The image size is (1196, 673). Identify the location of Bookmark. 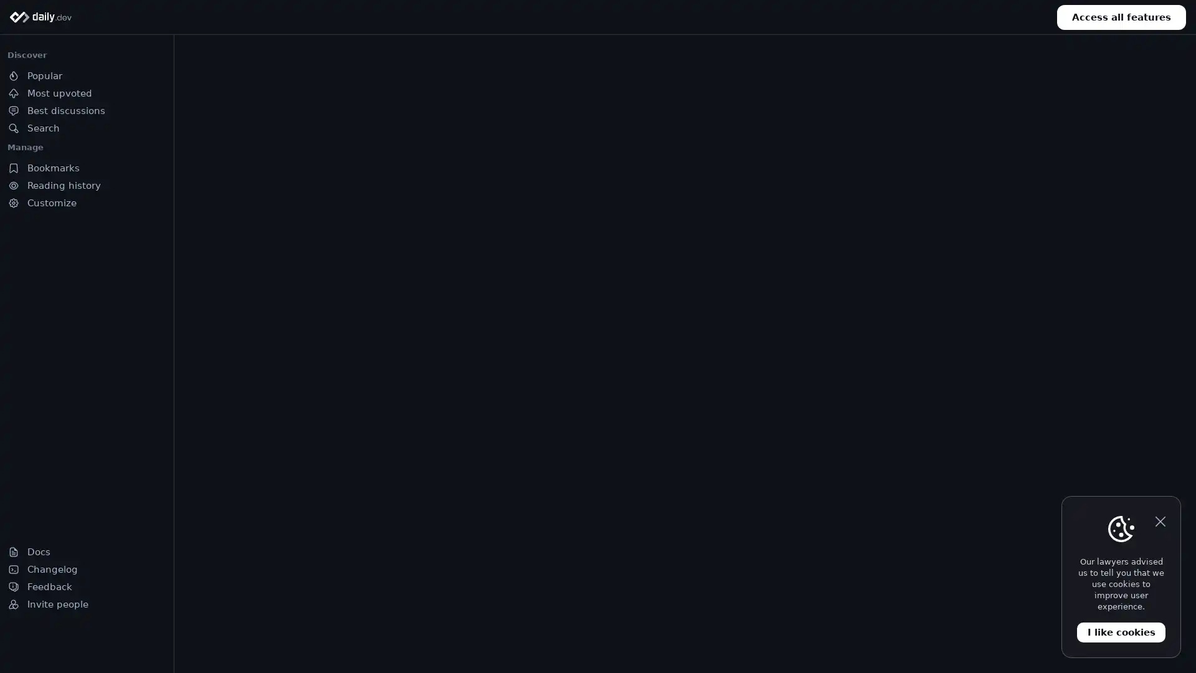
(1084, 608).